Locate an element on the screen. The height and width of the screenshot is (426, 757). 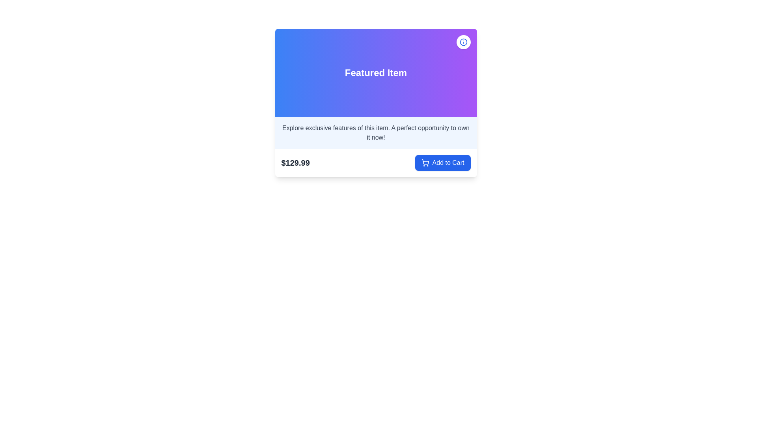
the 'Add to Cart' button, which is a vibrant blue rectangular button with rounded corners and contains the white text 'Add to Cart' along with a shopping cart icon is located at coordinates (443, 162).